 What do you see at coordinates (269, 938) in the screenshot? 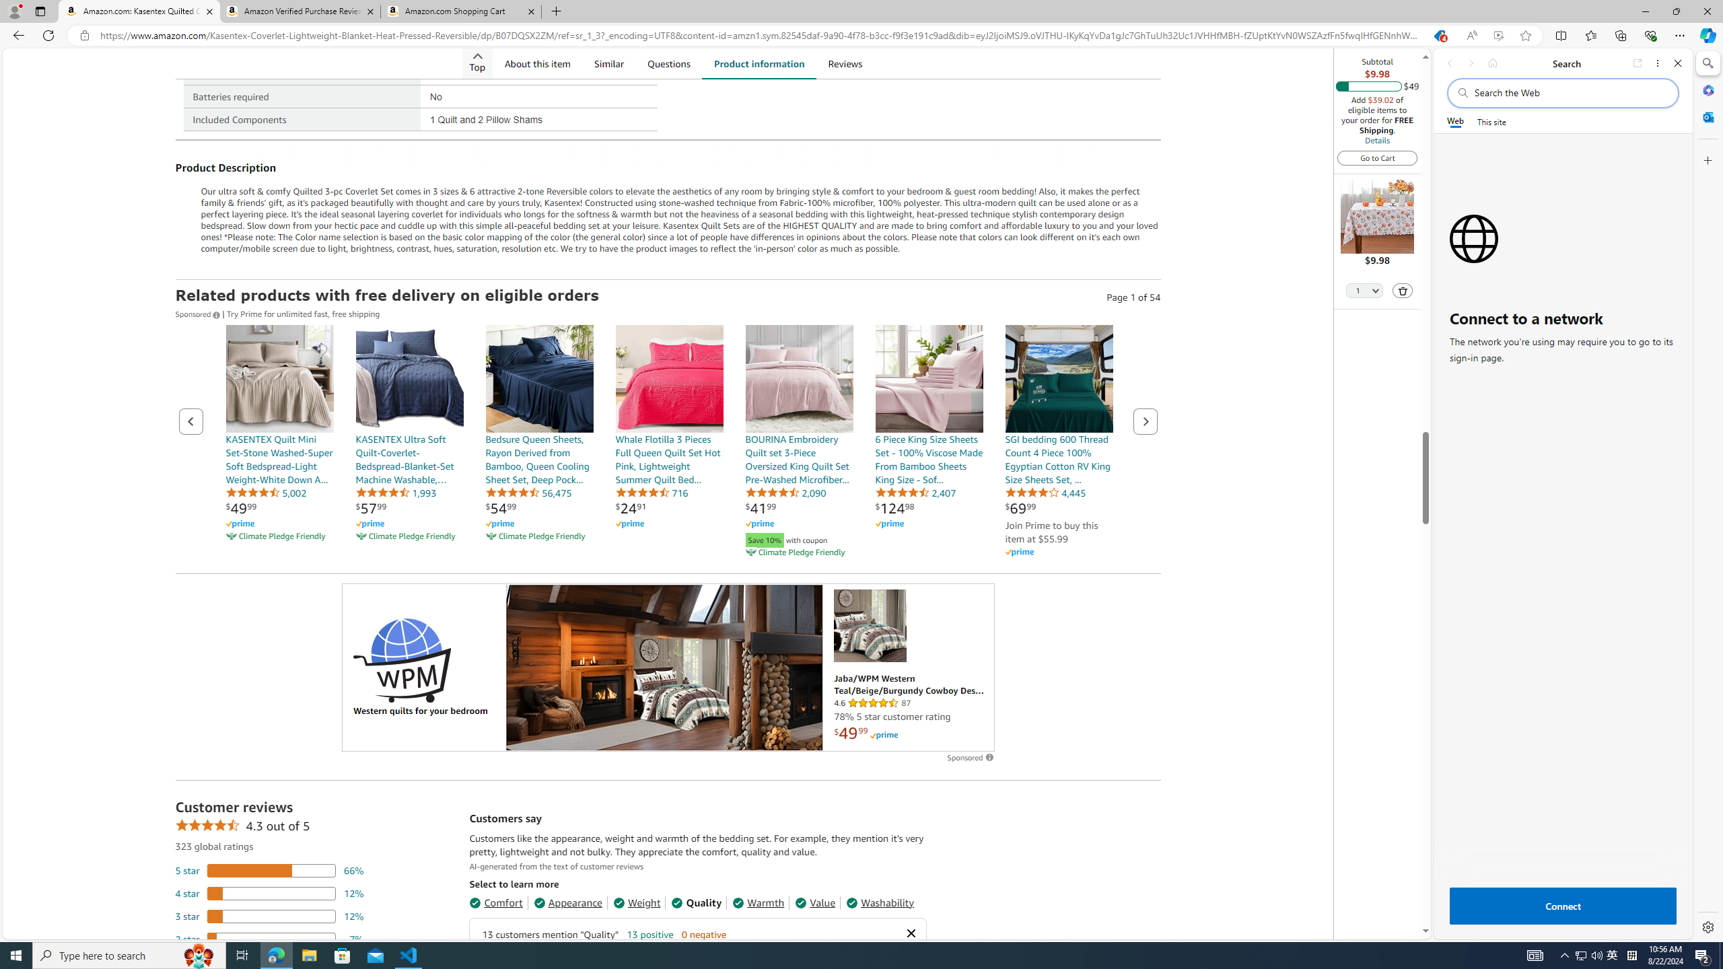
I see `'7 percent of reviews have 2 stars'` at bounding box center [269, 938].